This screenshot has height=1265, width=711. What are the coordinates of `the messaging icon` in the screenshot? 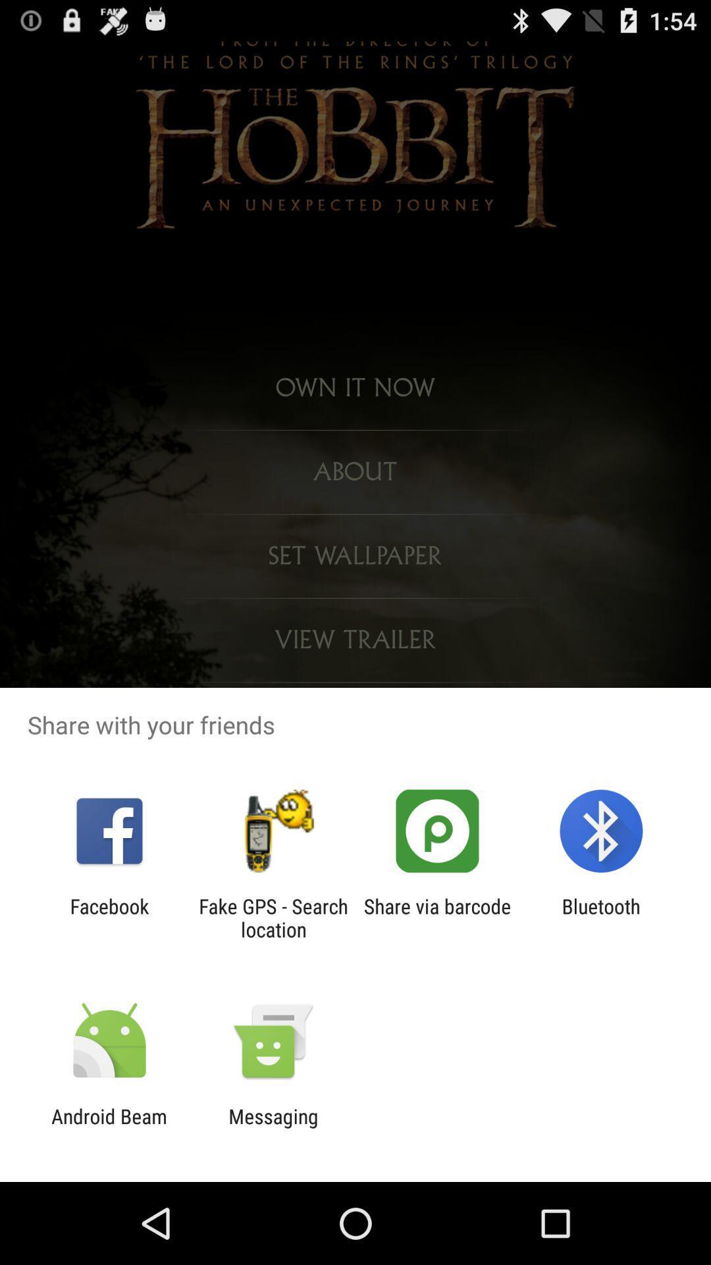 It's located at (273, 1127).